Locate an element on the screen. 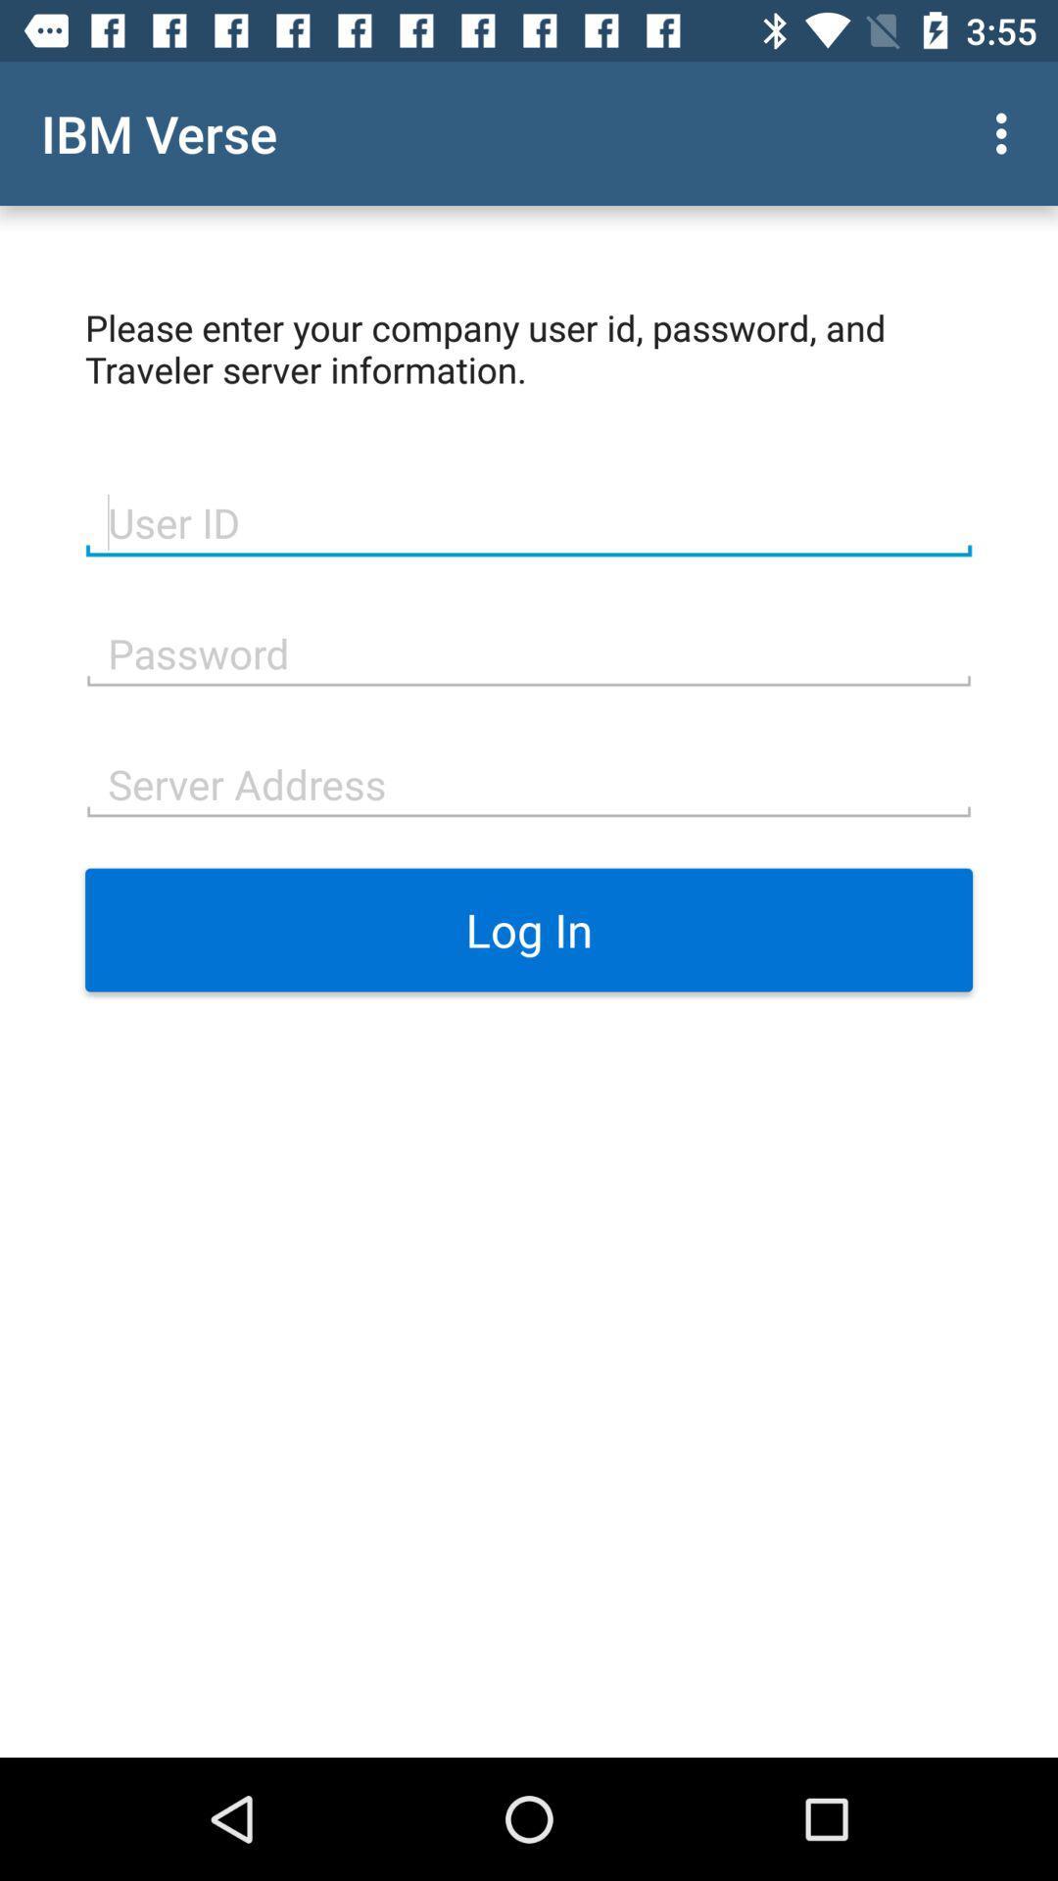 The image size is (1058, 1881). item above please enter your icon is located at coordinates (1006, 132).